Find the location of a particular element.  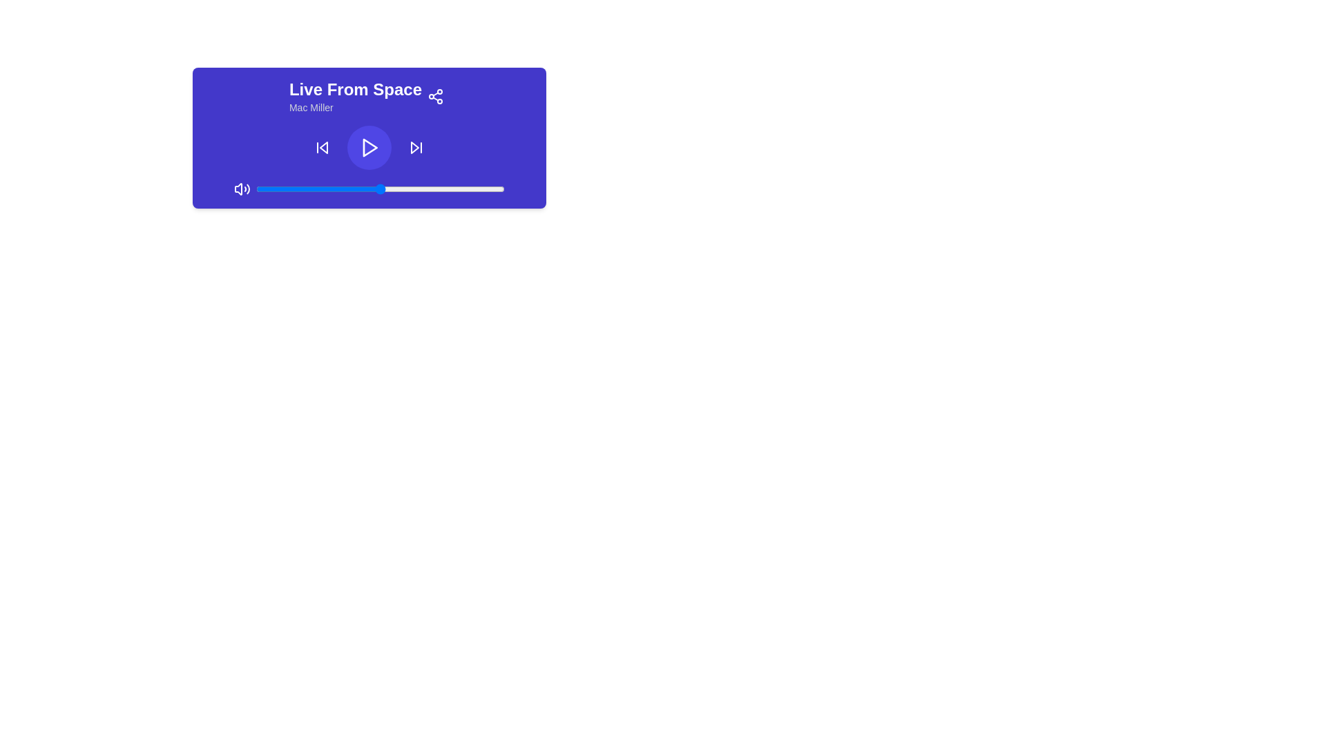

the slider value is located at coordinates (256, 189).